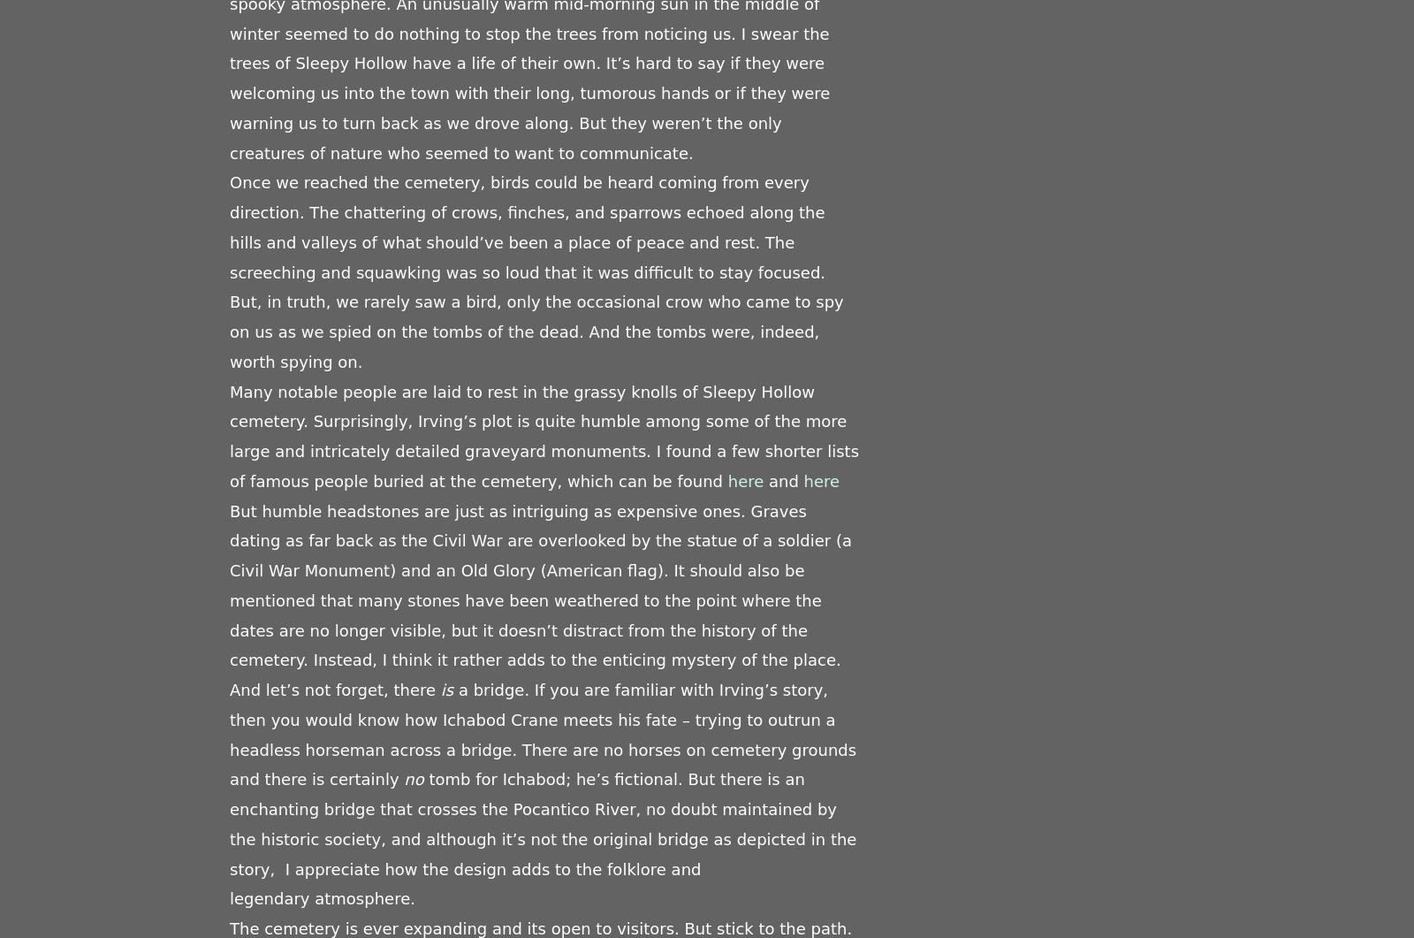 The width and height of the screenshot is (1414, 938). I want to click on 'Many notable people are laid to rest in the grassy knolls of Sleepy Hollow cemetery. Surprisingly, Irving’s plot is quite humble among some of the more large and intricately detailed graveyard monuments. I found a few shorter lists of famous people buried at the cemetery, which can be found', so click(544, 436).